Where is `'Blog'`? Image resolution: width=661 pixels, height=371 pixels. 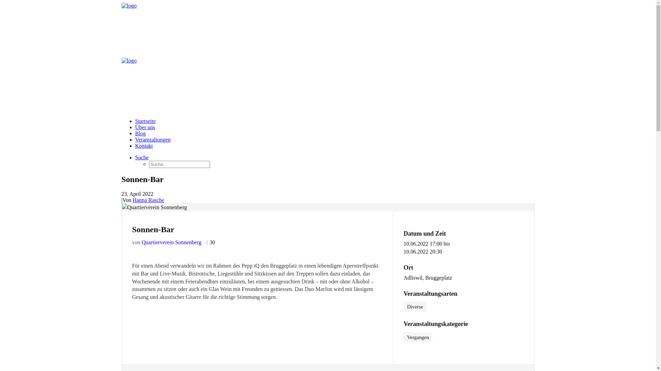 'Blog' is located at coordinates (140, 133).